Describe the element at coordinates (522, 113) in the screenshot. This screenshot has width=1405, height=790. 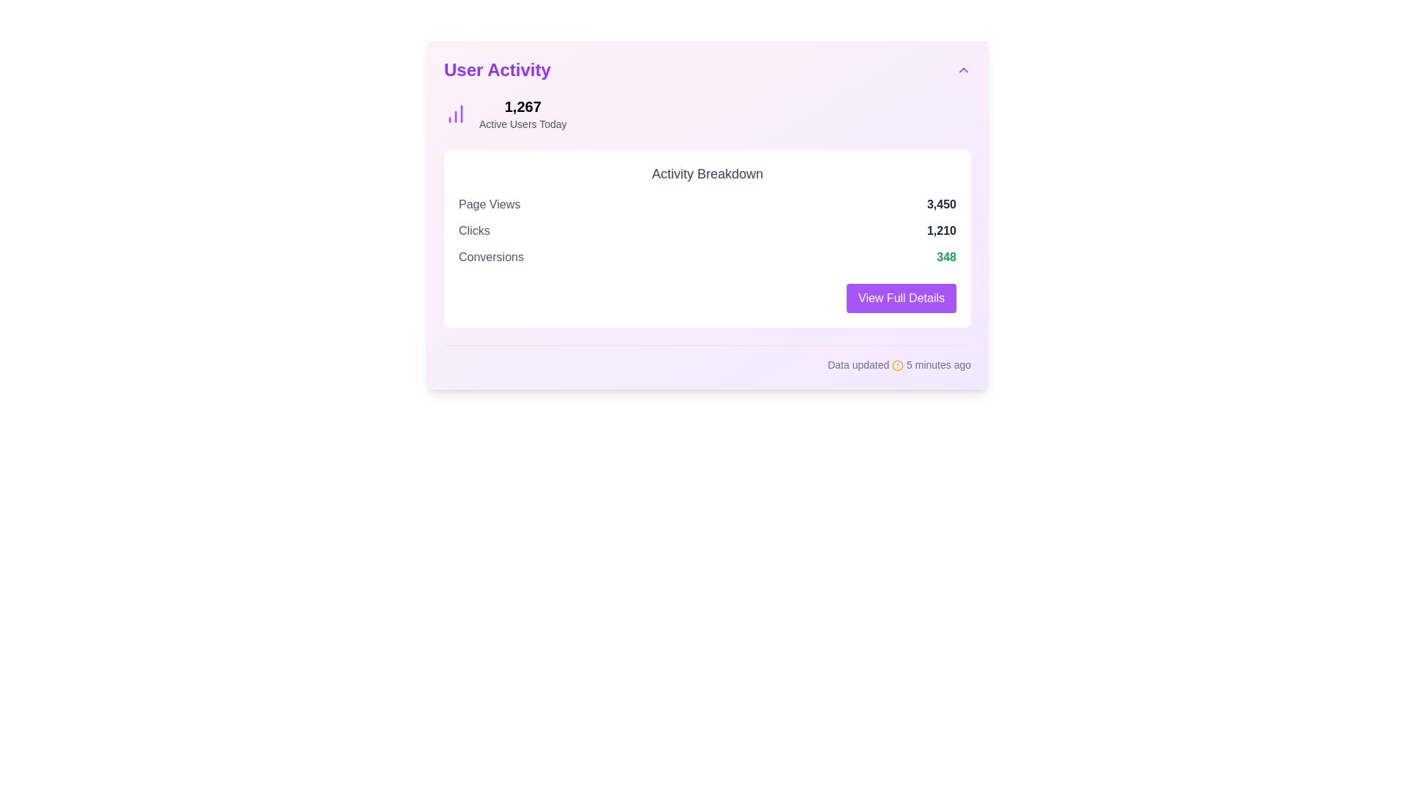
I see `the numerical display showing '1,267' with the subtitle 'Active Users Today' located in the 'User Activity' section` at that location.